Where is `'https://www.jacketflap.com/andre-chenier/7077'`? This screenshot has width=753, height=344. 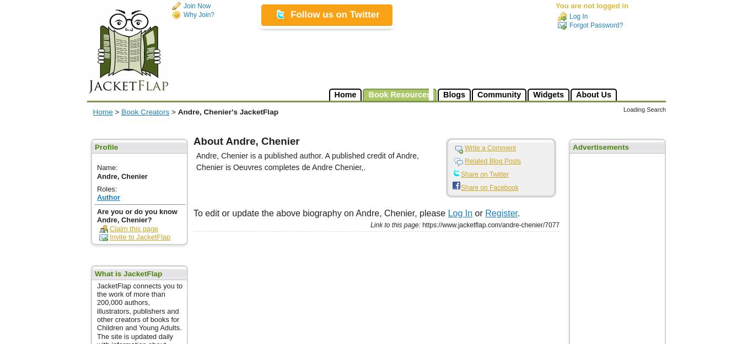 'https://www.jacketflap.com/andre-chenier/7077' is located at coordinates (489, 225).